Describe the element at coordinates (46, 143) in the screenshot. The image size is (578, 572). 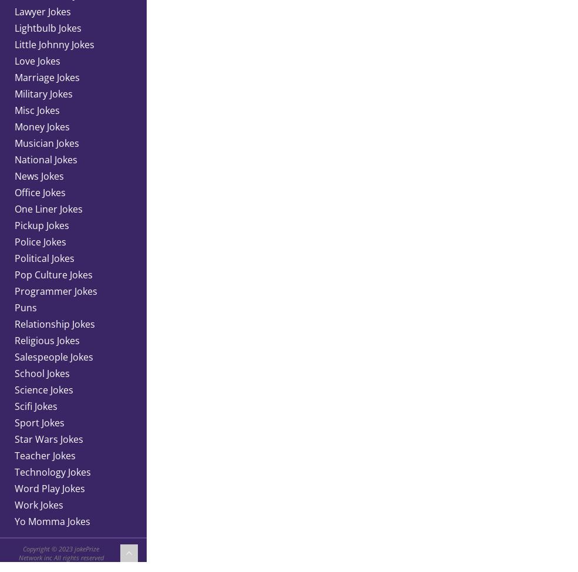
I see `'Musician Jokes'` at that location.